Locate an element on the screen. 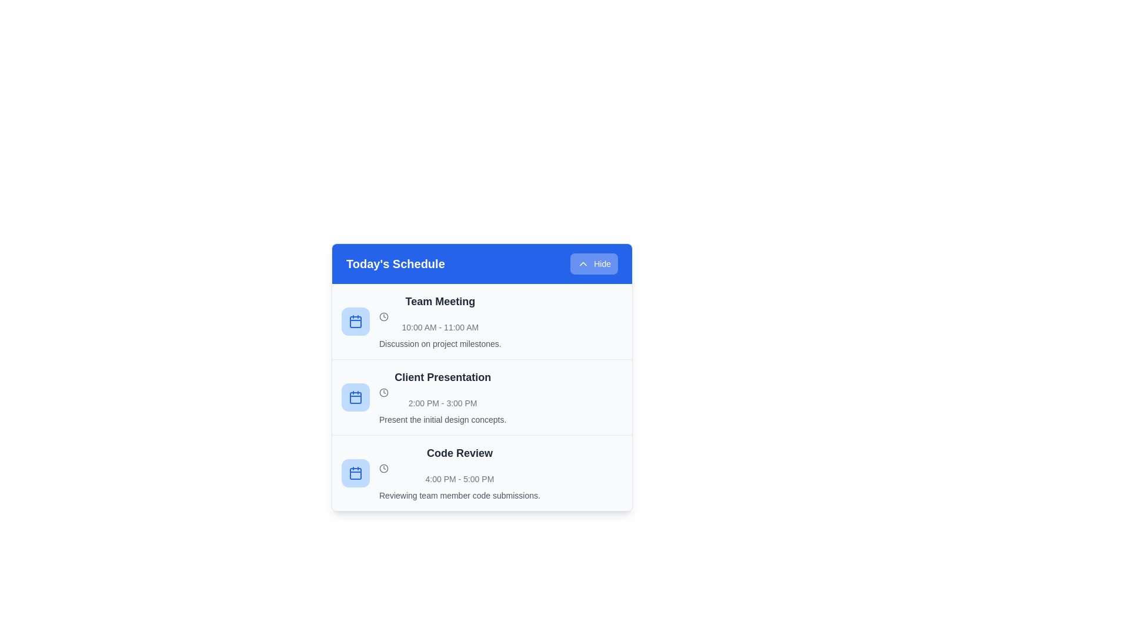 This screenshot has width=1129, height=635. the 'Hide' button with a right-facing chevron icon located in the top-right corner of the blue bar labeled 'Today's Schedule' is located at coordinates (594, 263).